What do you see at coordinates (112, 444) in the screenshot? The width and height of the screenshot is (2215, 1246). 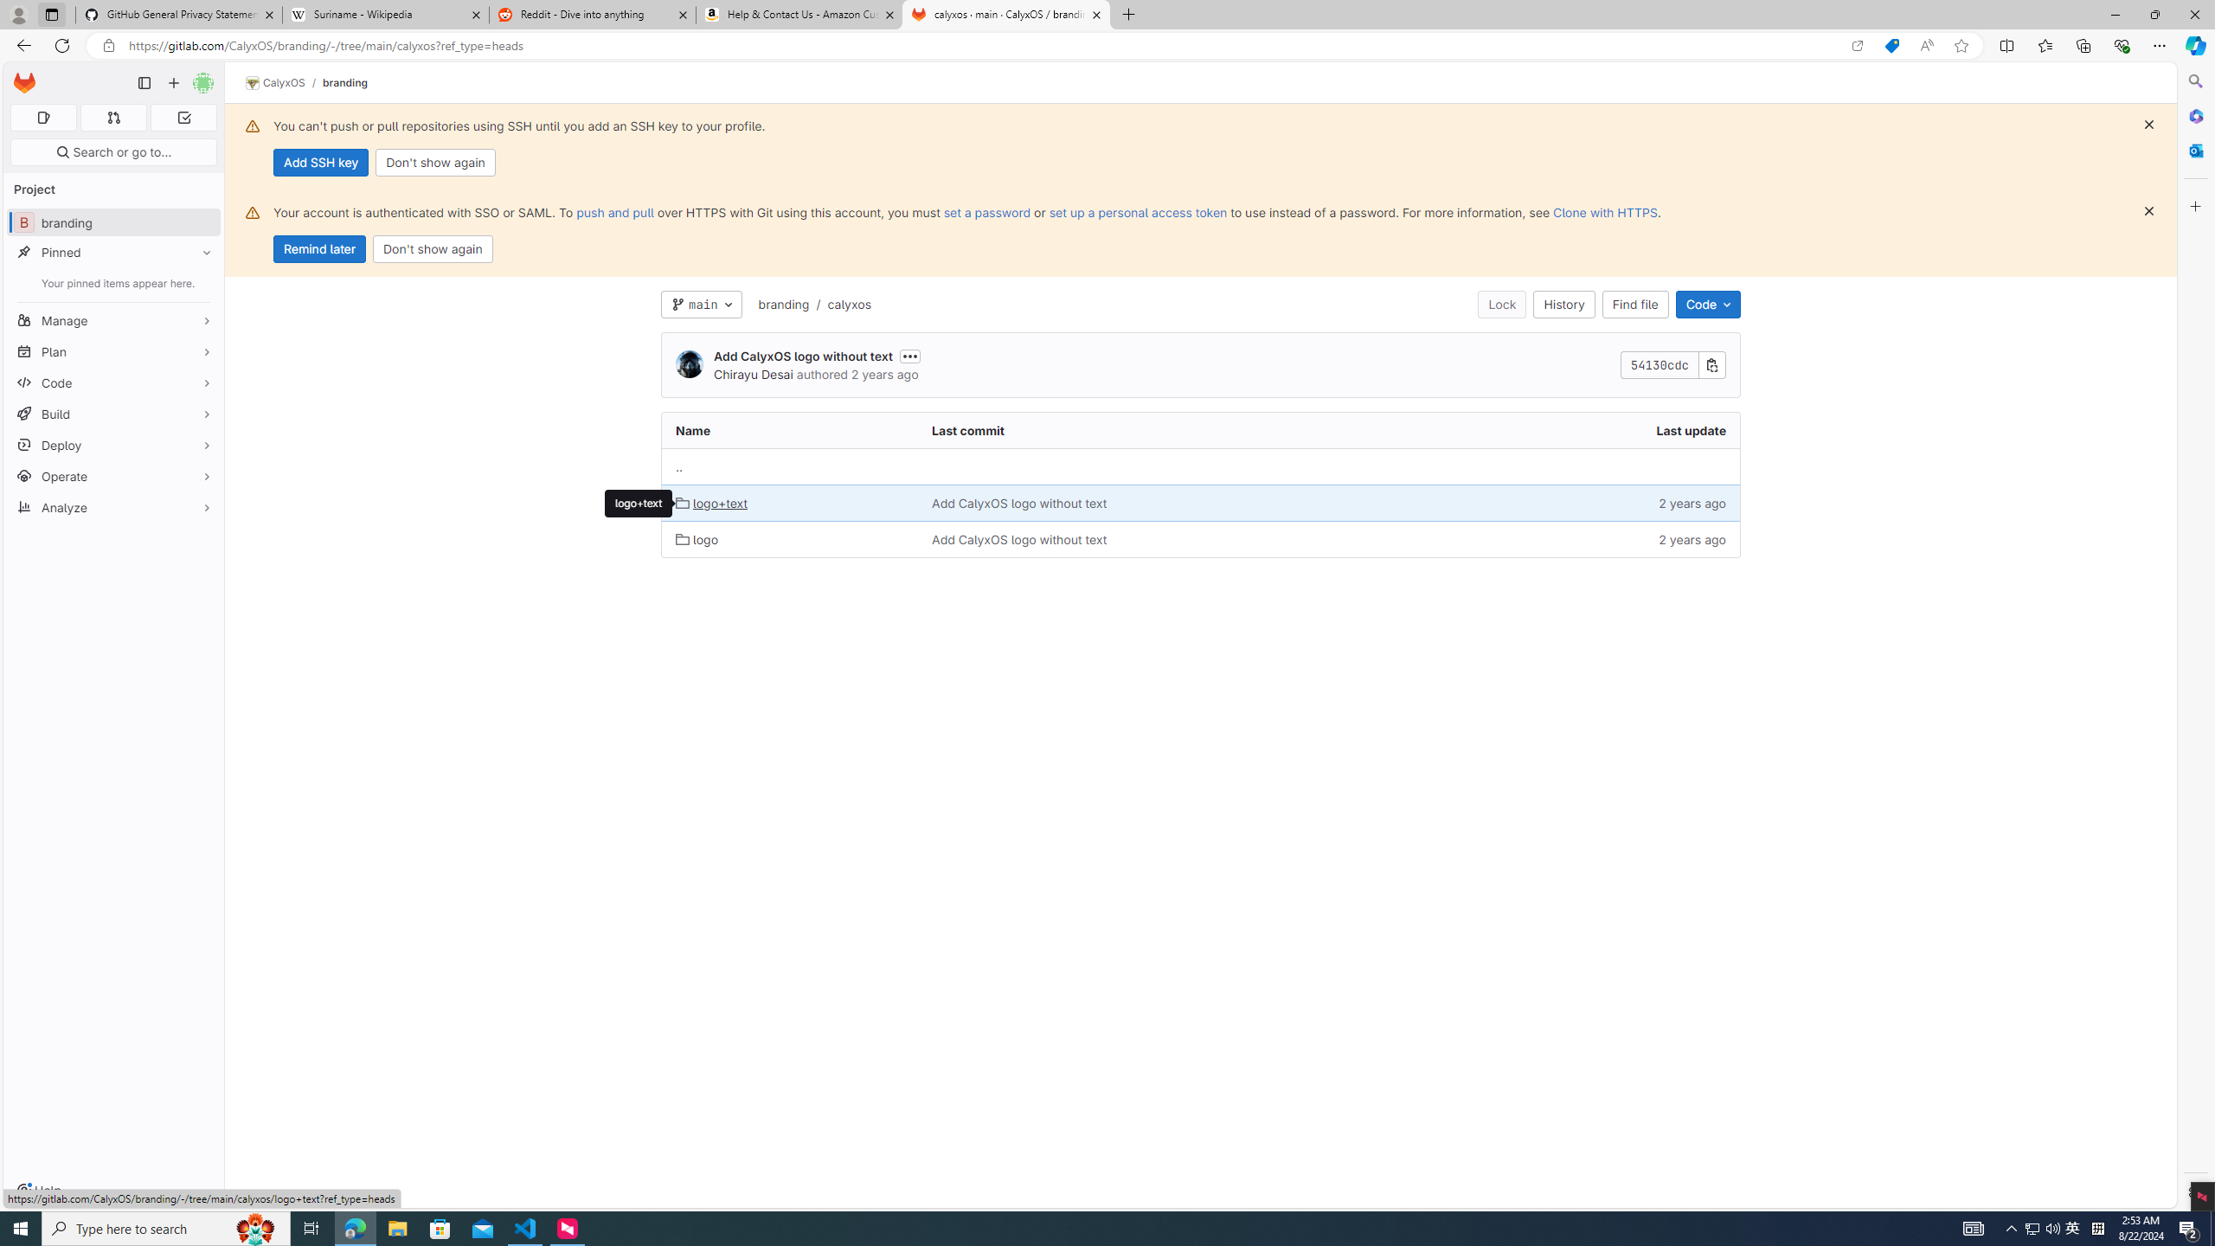 I see `'Deploy'` at bounding box center [112, 444].